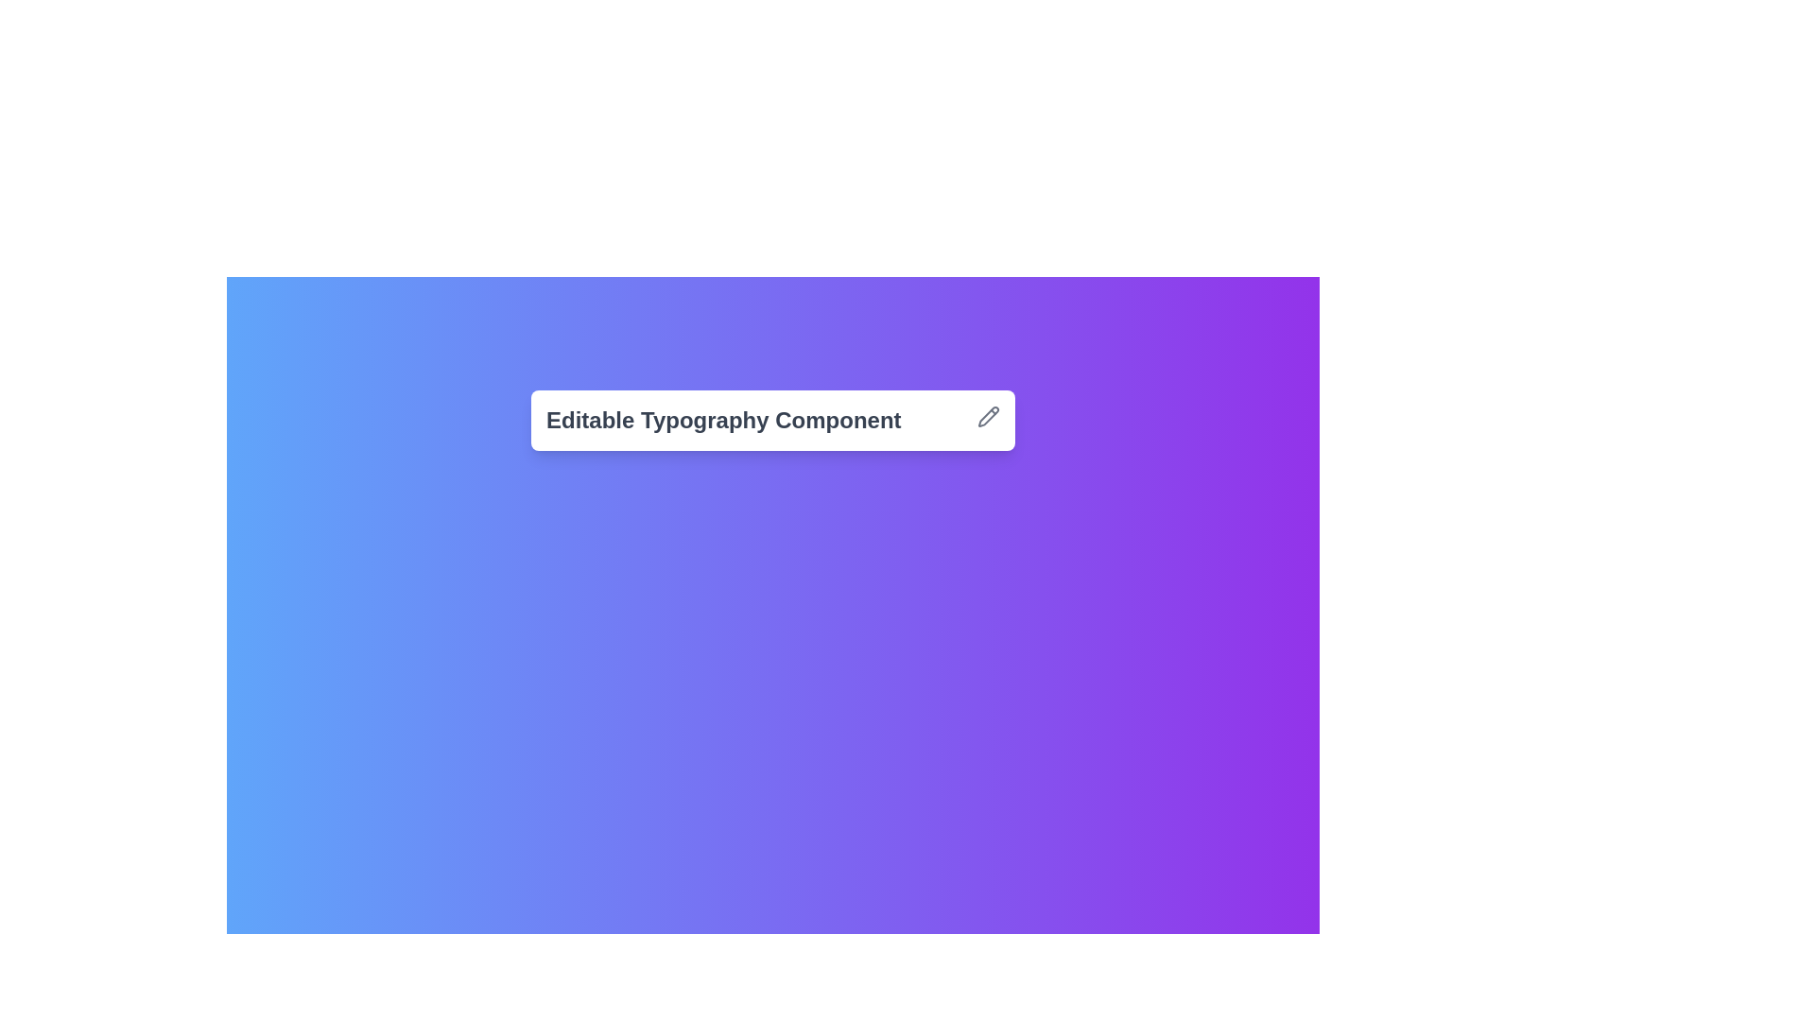 Image resolution: width=1815 pixels, height=1021 pixels. What do you see at coordinates (988, 414) in the screenshot?
I see `the pencil icon button located to the right of the 'Editable Typography Component' label to initiate editing` at bounding box center [988, 414].